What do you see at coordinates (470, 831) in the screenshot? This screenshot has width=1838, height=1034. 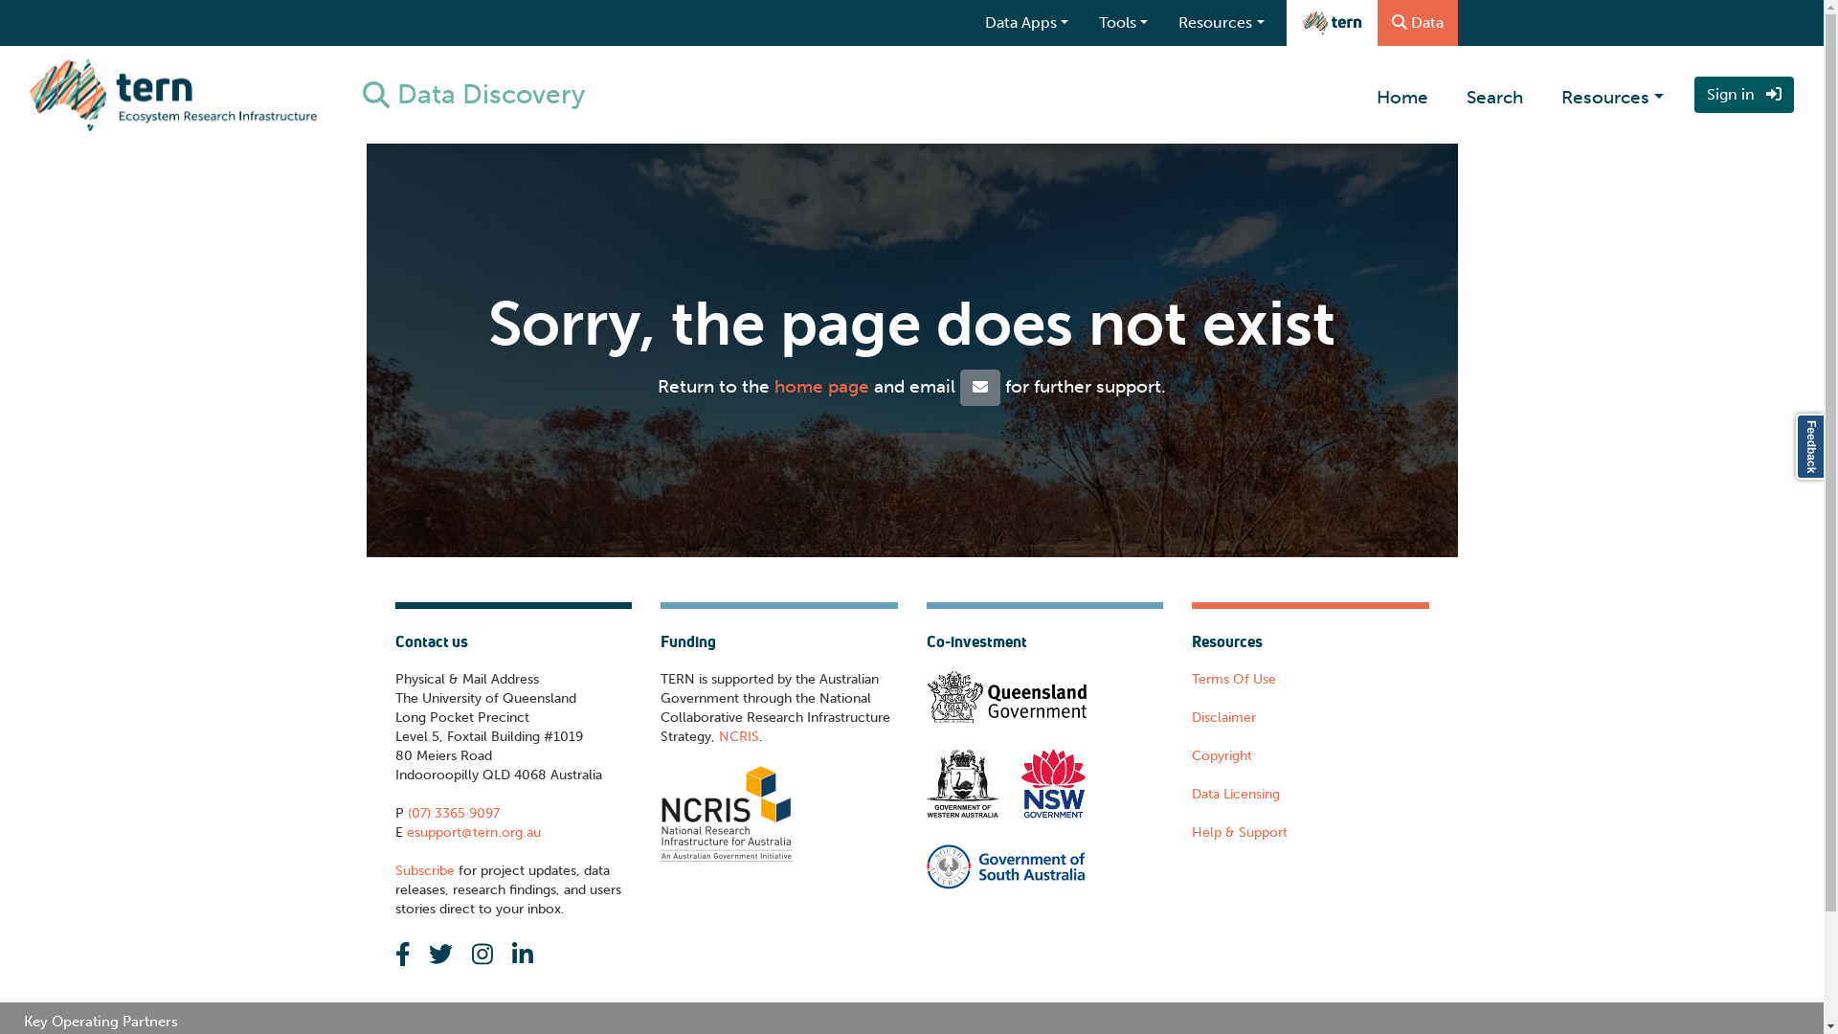 I see `'esupport@tern.org.au'` at bounding box center [470, 831].